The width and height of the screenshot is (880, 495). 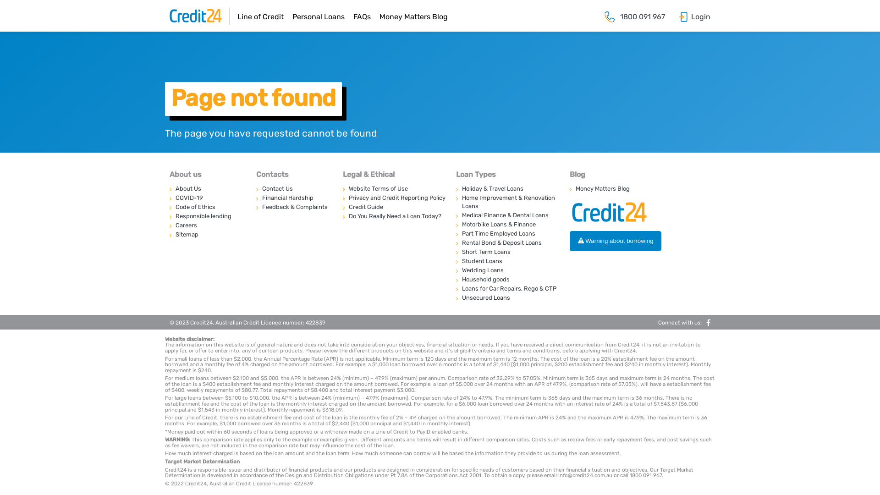 What do you see at coordinates (413, 16) in the screenshot?
I see `'Money Matters Blog'` at bounding box center [413, 16].